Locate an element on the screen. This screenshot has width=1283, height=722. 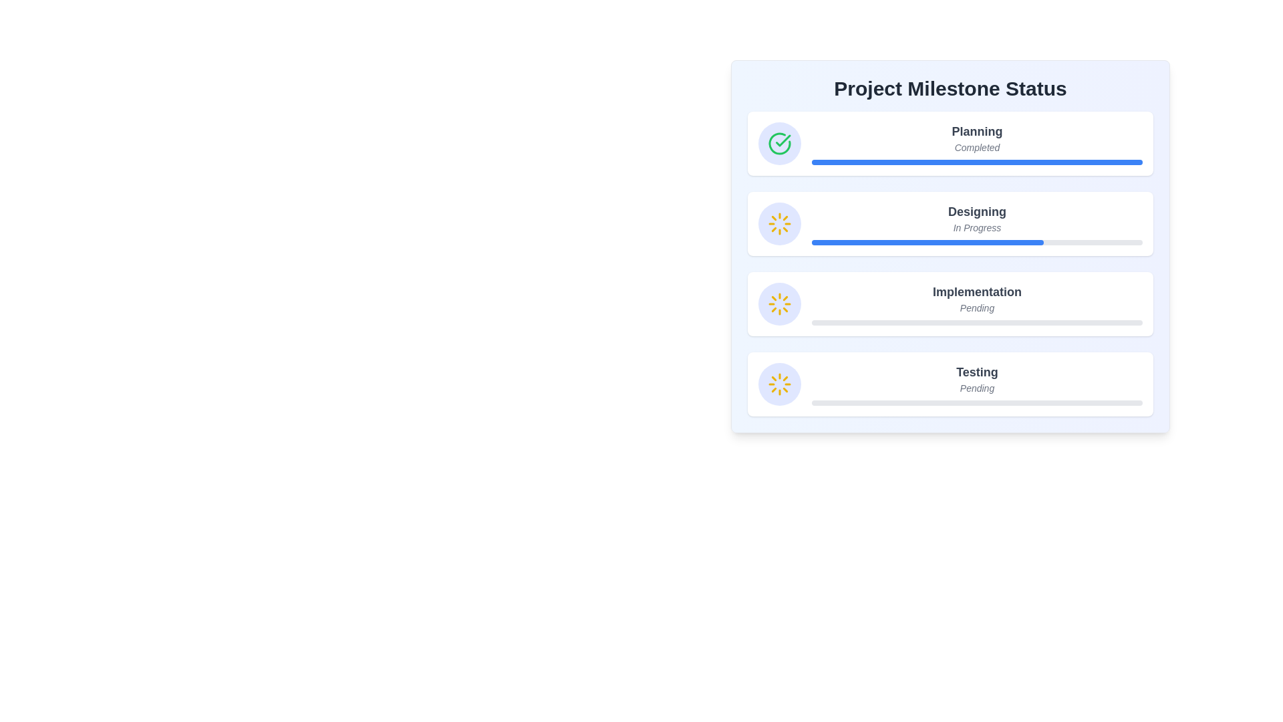
the 'Pending' status image icon located to the left of the 'Testing' section in the milestone list is located at coordinates (779, 384).